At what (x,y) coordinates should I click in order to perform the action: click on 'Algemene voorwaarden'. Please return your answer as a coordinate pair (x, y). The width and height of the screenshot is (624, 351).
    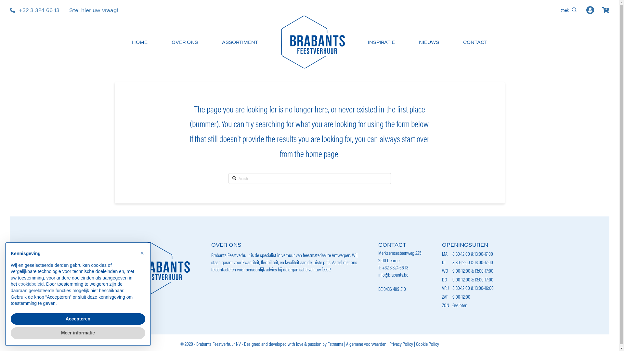
    Looking at the image, I should click on (366, 343).